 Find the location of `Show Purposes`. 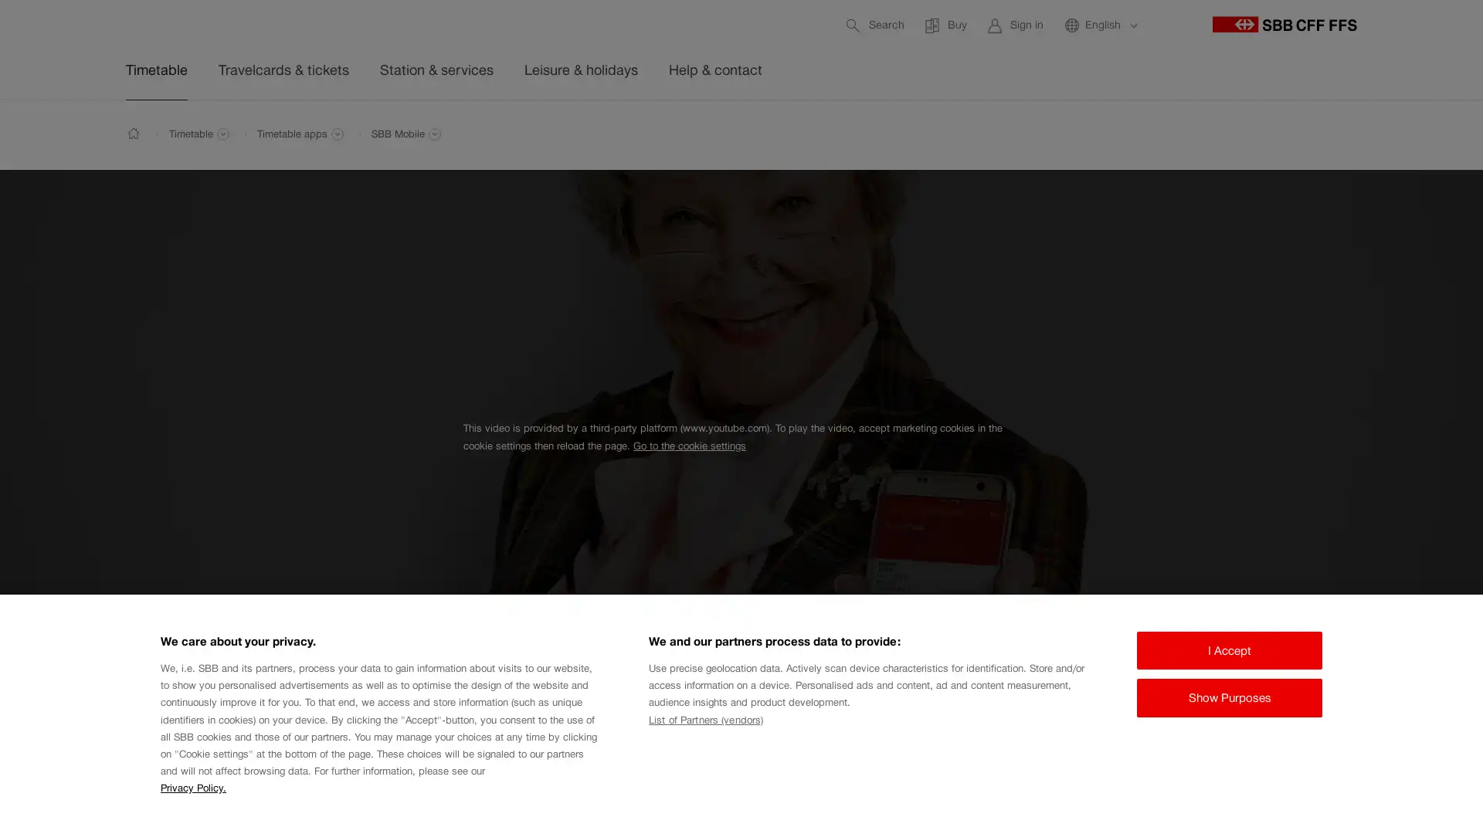

Show Purposes is located at coordinates (1229, 697).